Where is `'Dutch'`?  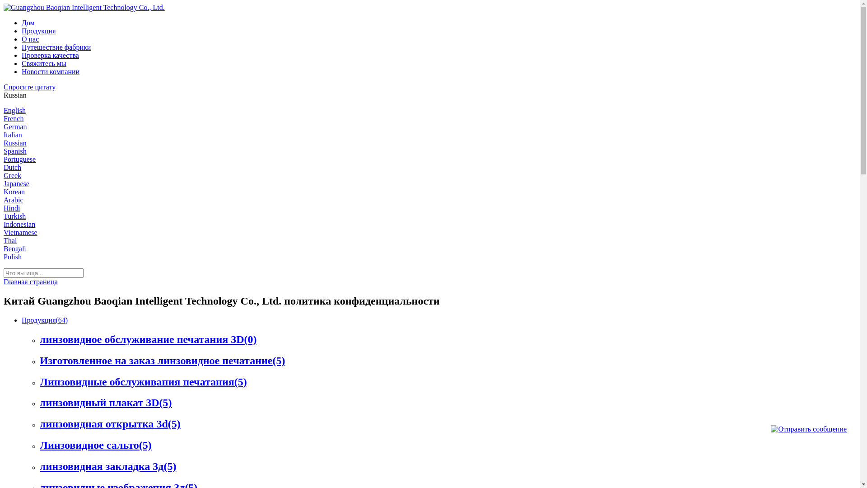
'Dutch' is located at coordinates (12, 167).